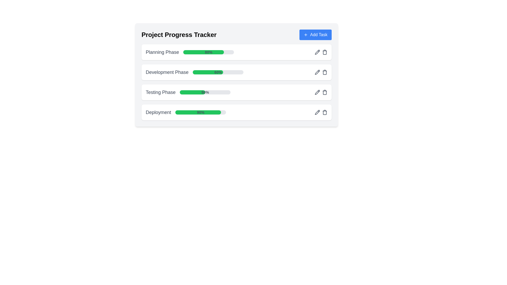 This screenshot has width=507, height=285. Describe the element at coordinates (192, 92) in the screenshot. I see `the green progress bar that indicates 50% completion of the 'Testing Phase' task in the project tracker interface` at that location.